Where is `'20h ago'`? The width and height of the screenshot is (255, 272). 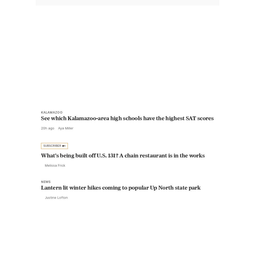
'20h ago' is located at coordinates (48, 139).